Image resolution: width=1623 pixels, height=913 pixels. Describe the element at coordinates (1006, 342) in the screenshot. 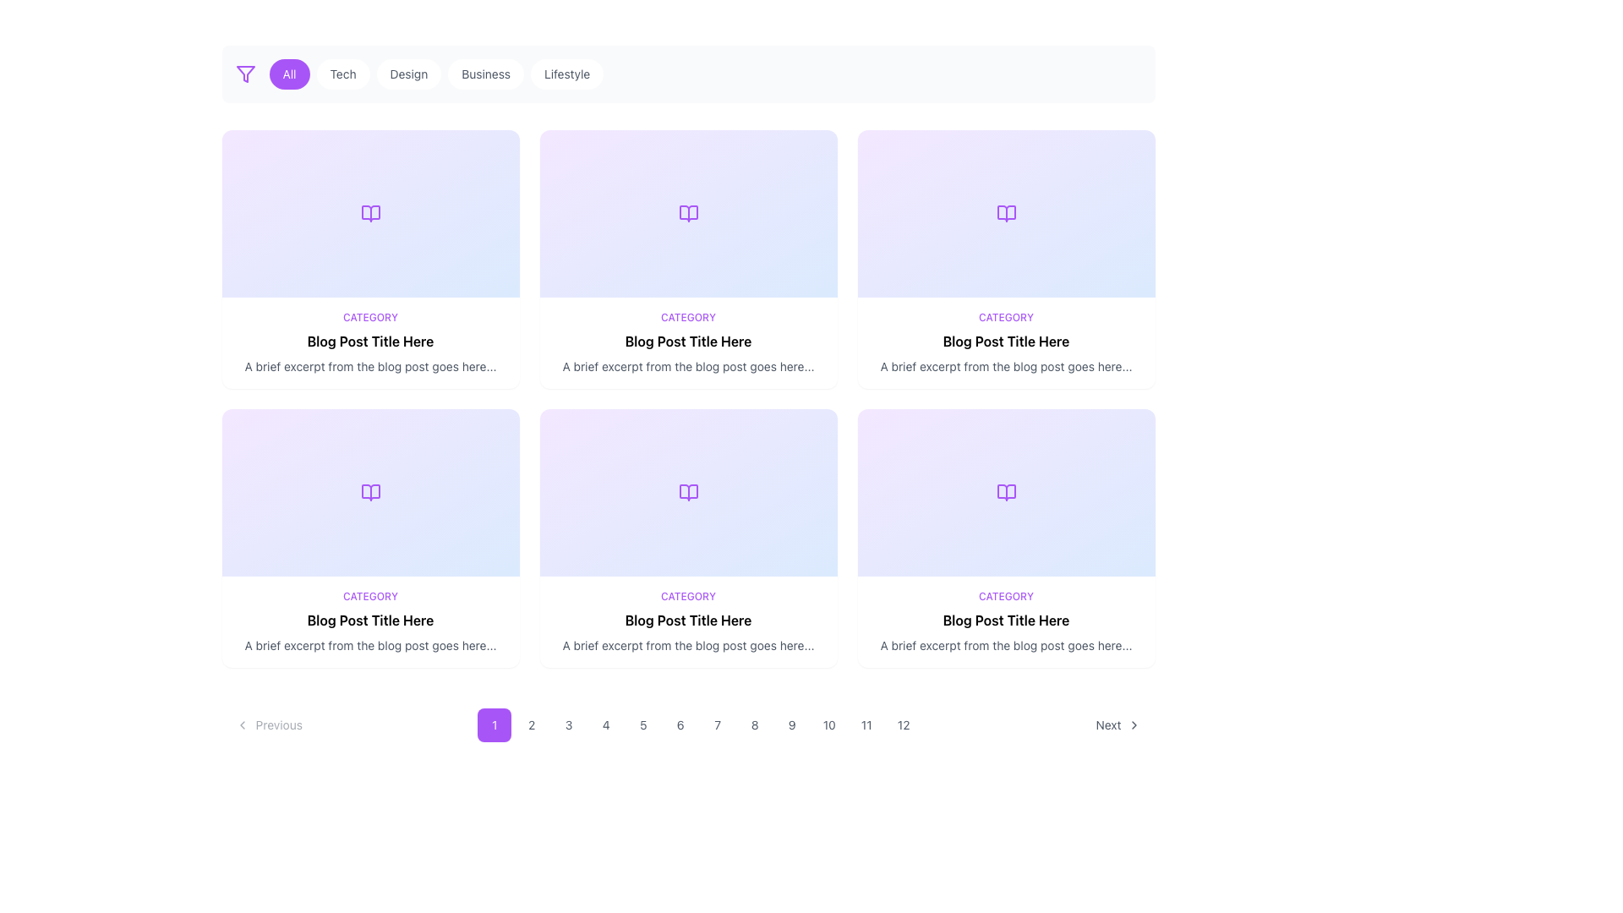

I see `the 'Blog Post Title Here' text label, which is bold and changes to purple on hover, located in the second column of the first row of a structured card layout` at that location.